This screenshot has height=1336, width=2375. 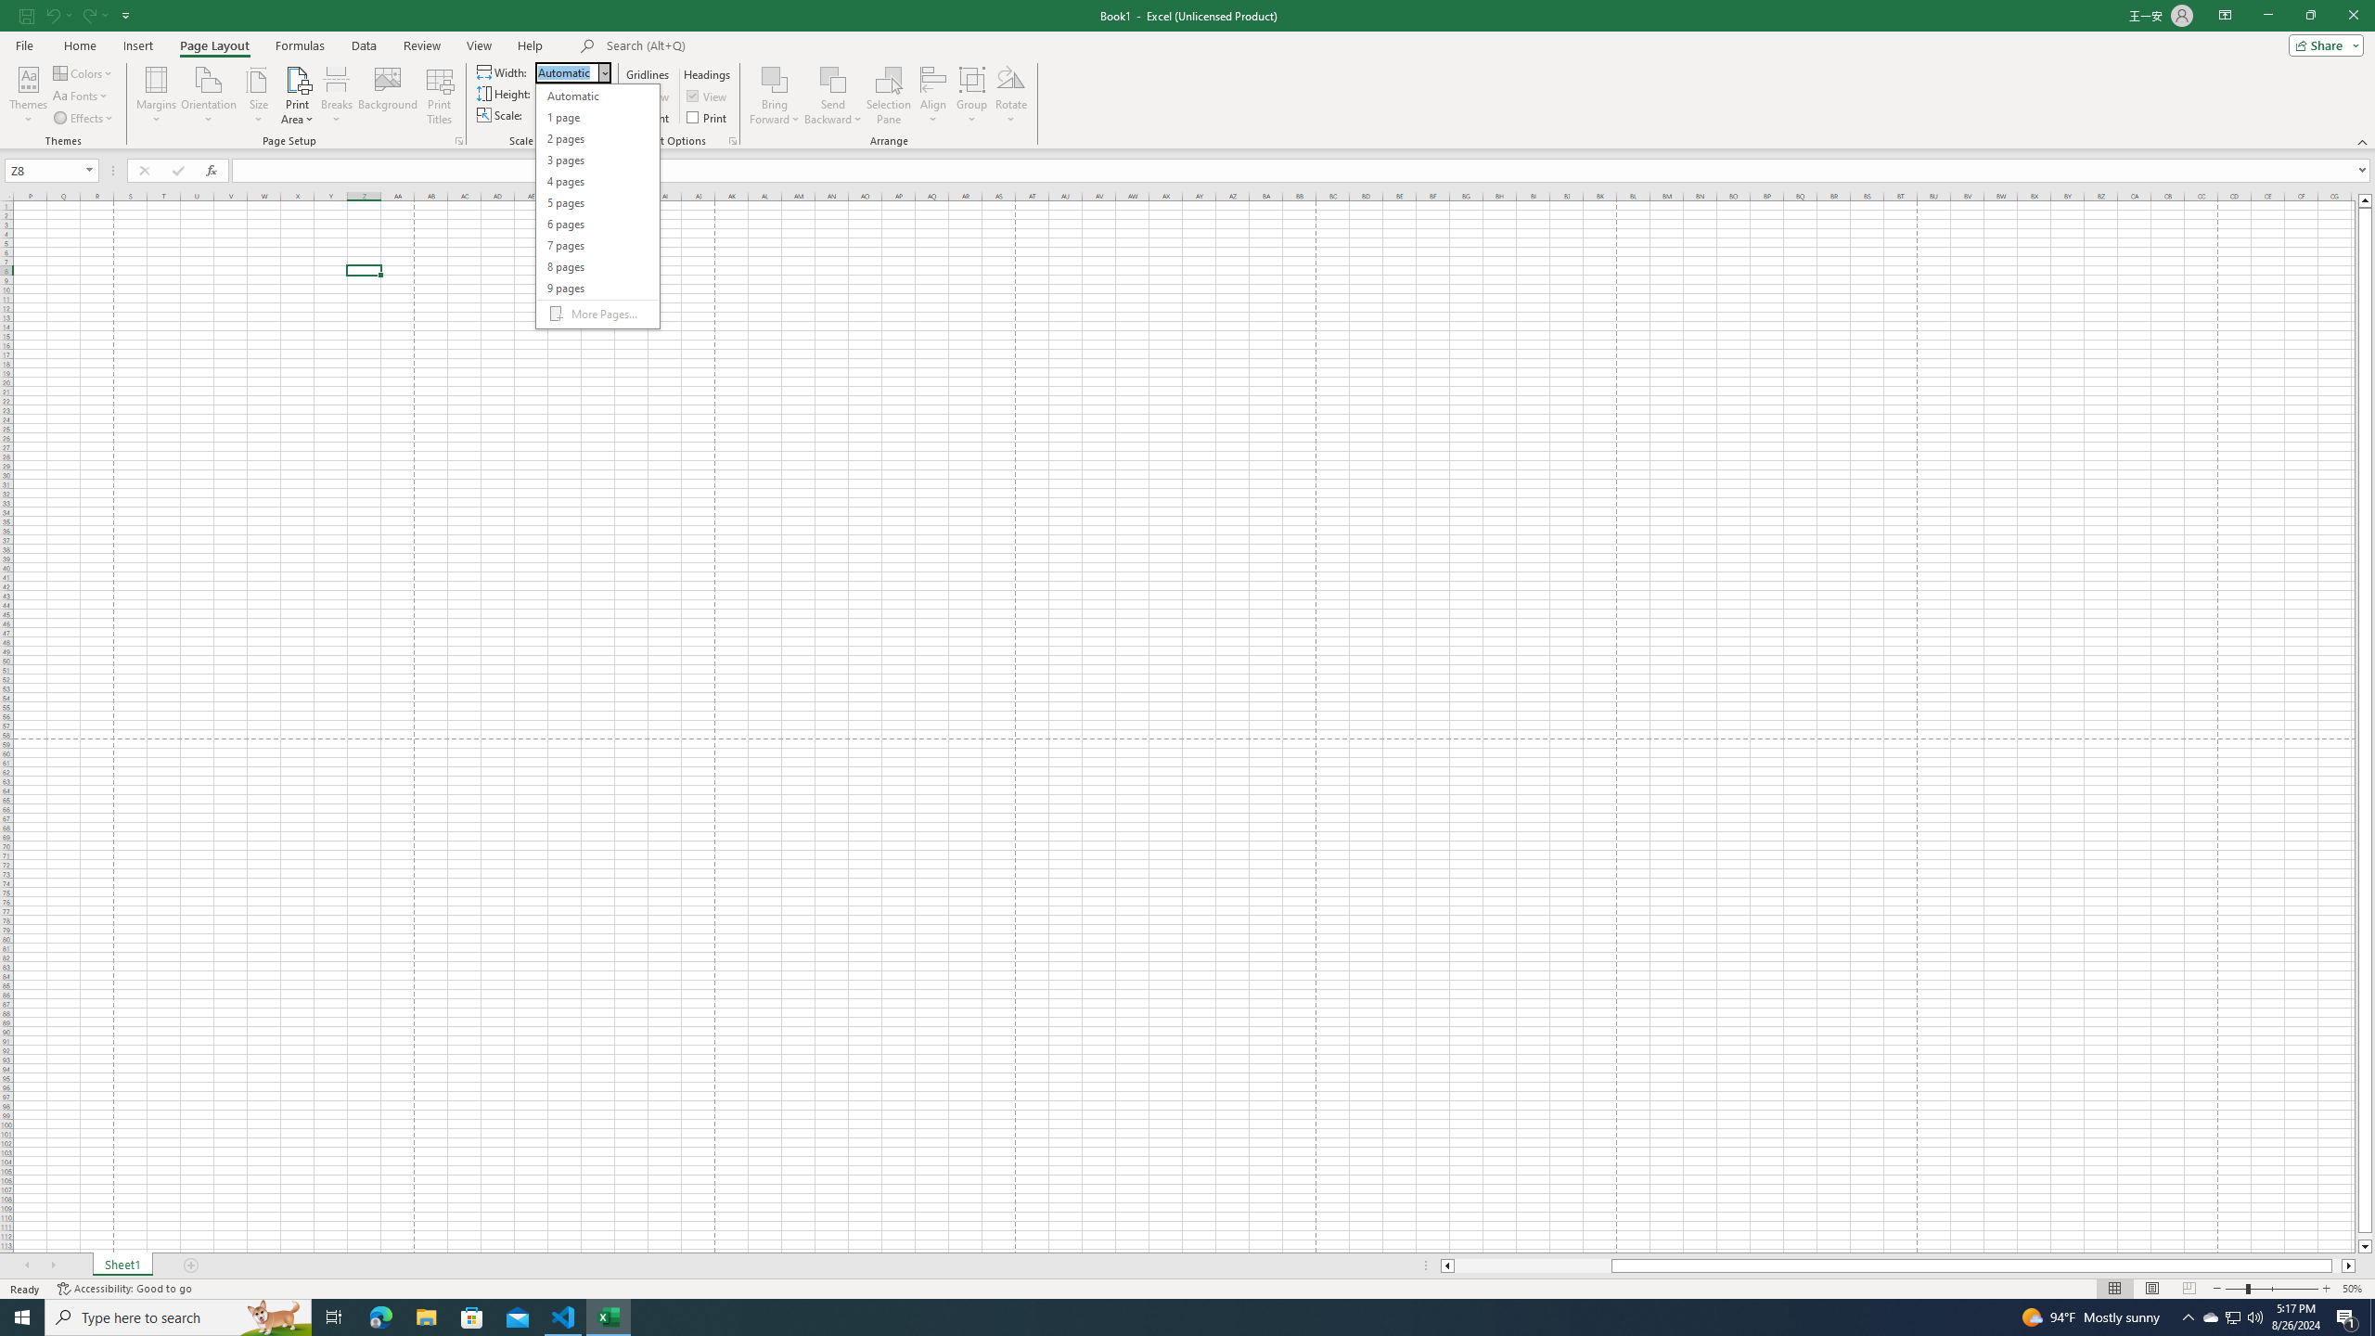 What do you see at coordinates (2364, 1247) in the screenshot?
I see `'Line down'` at bounding box center [2364, 1247].